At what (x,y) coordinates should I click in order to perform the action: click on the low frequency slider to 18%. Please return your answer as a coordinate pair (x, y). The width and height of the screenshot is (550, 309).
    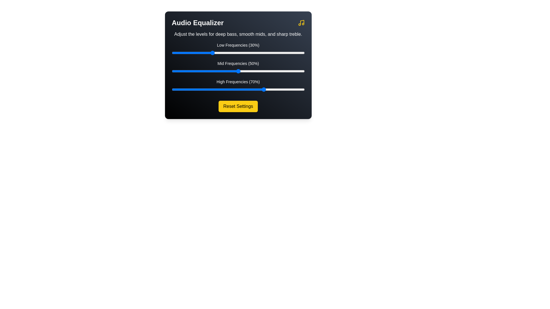
    Looking at the image, I should click on (195, 53).